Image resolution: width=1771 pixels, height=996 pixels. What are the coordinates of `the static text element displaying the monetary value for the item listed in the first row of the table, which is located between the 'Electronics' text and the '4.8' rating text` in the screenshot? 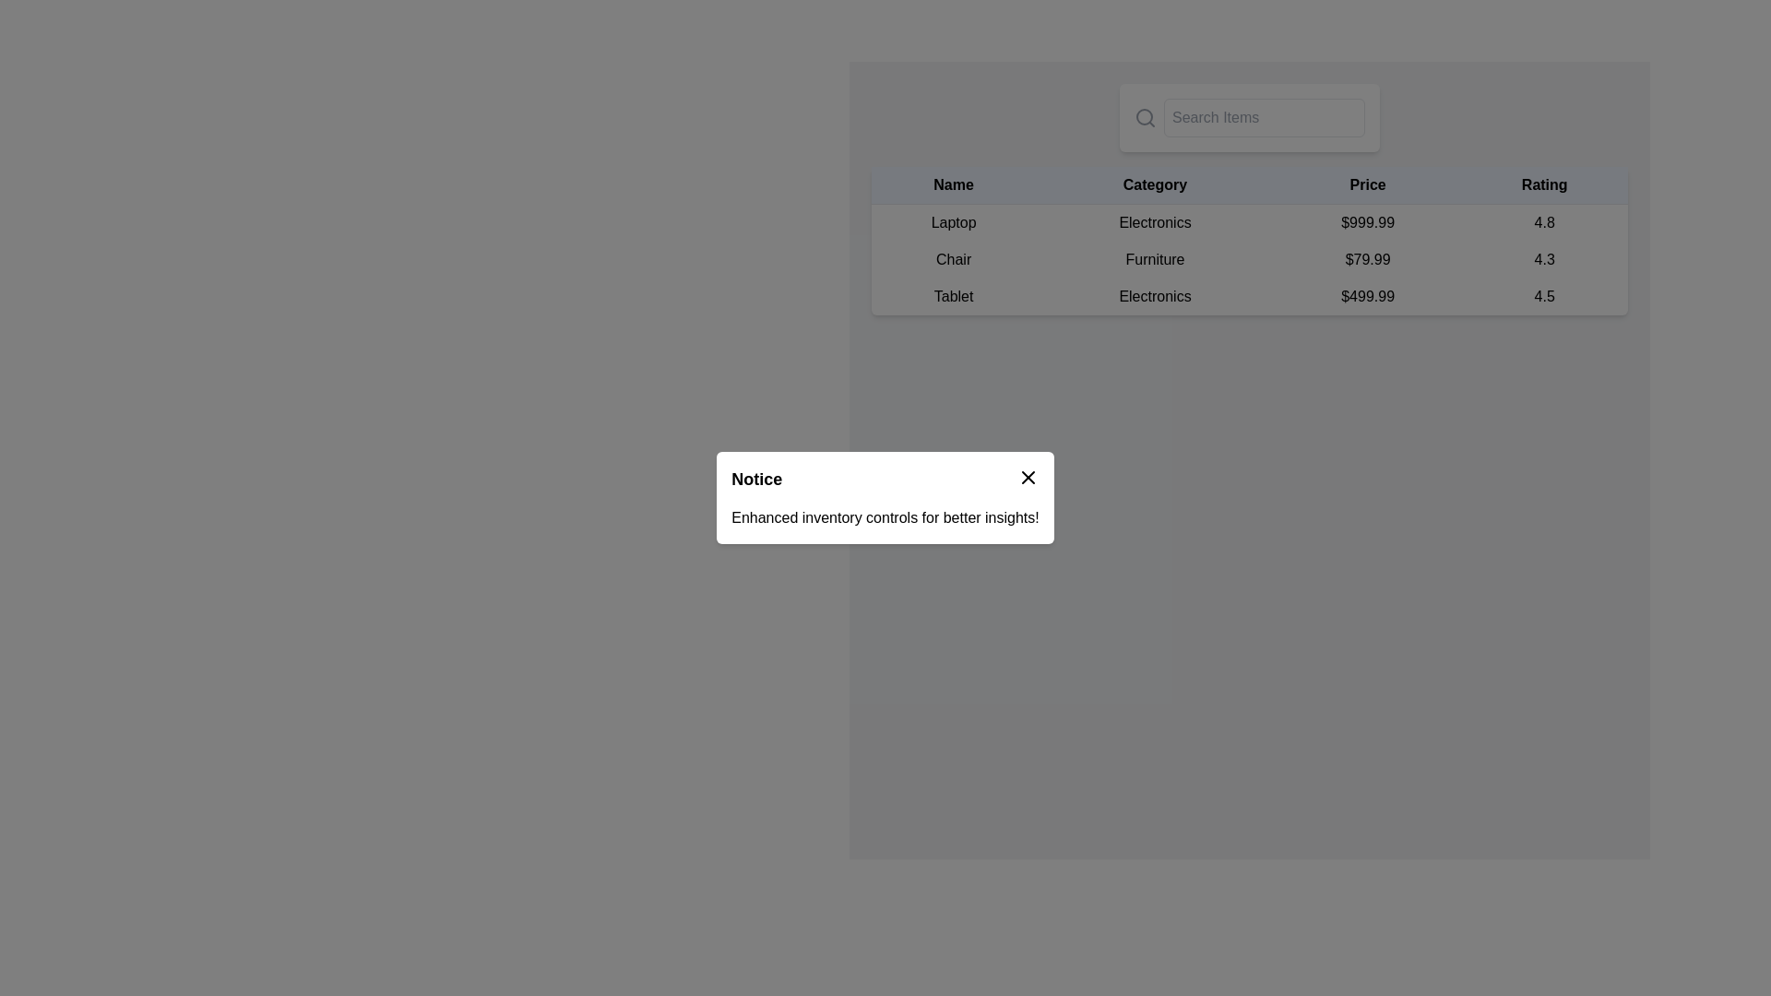 It's located at (1368, 221).